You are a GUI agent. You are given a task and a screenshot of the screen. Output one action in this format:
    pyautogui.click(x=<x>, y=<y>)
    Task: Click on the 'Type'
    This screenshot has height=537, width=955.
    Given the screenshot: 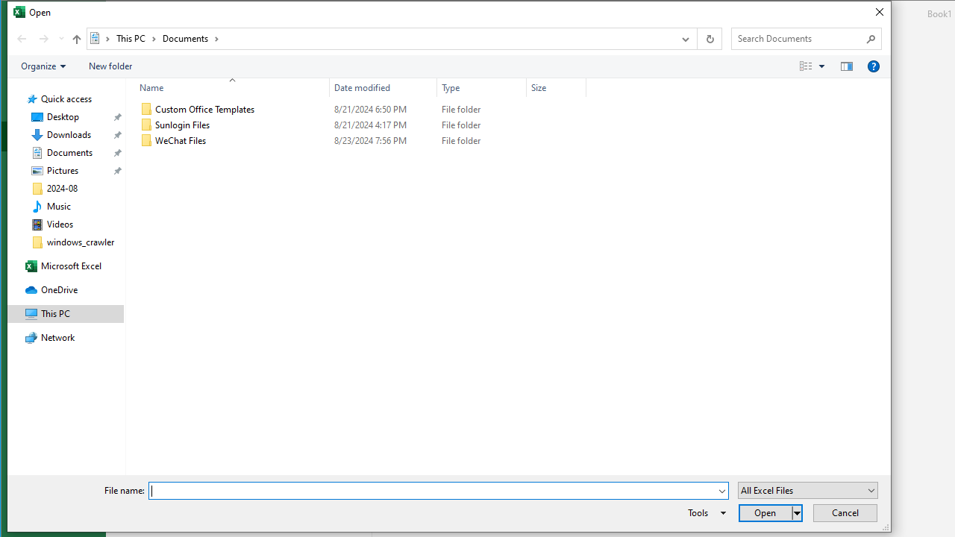 What is the action you would take?
    pyautogui.click(x=482, y=87)
    